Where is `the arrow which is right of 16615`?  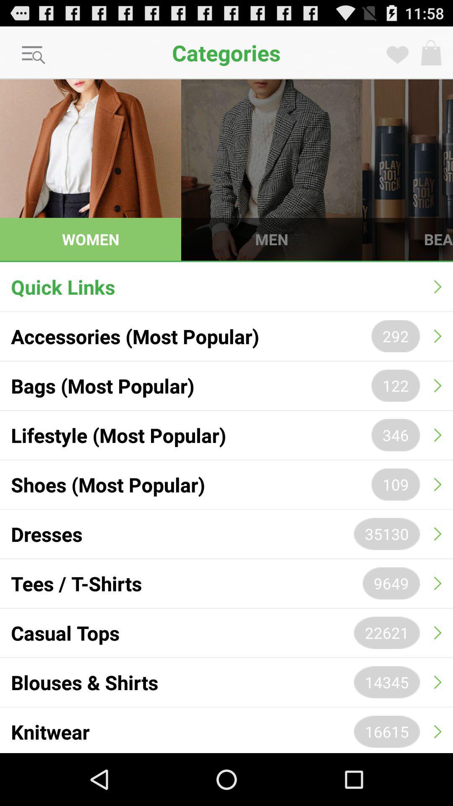
the arrow which is right of 16615 is located at coordinates (437, 731).